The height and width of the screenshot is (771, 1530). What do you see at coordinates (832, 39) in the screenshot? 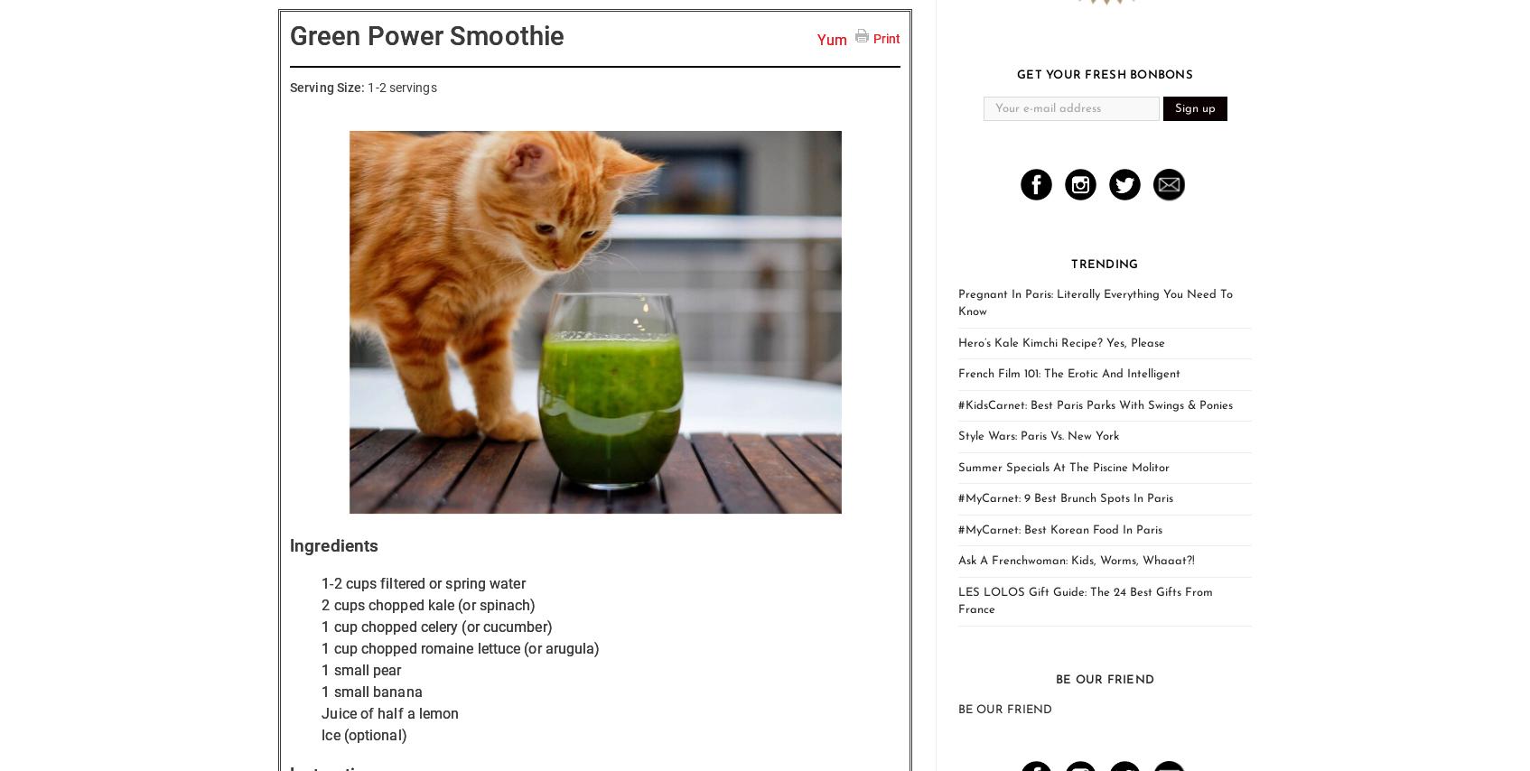
I see `'Yum'` at bounding box center [832, 39].